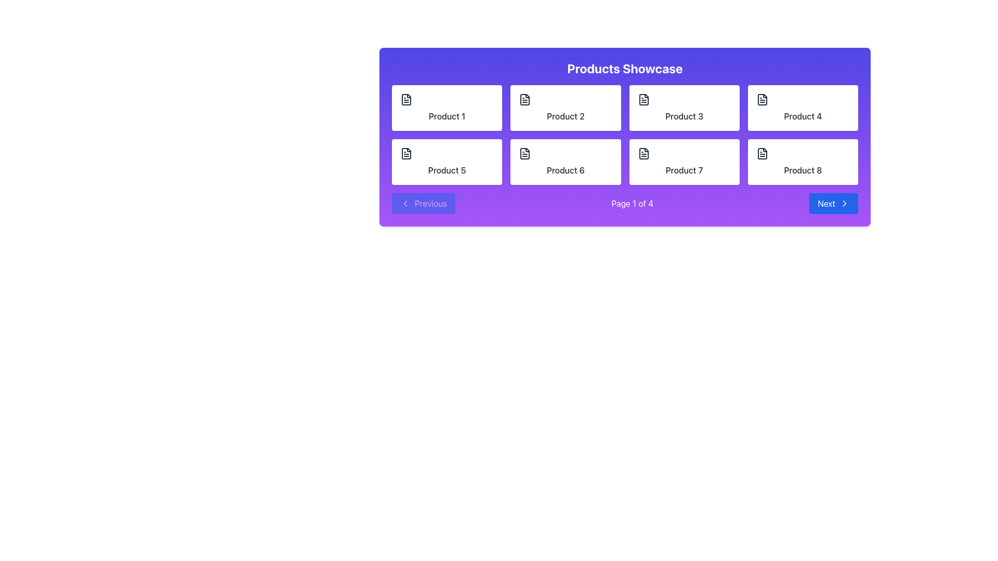 The width and height of the screenshot is (998, 561). I want to click on the detailing of the document icon located in the 'Products Showcase' section, above the 'Product 3' label, so click(643, 100).